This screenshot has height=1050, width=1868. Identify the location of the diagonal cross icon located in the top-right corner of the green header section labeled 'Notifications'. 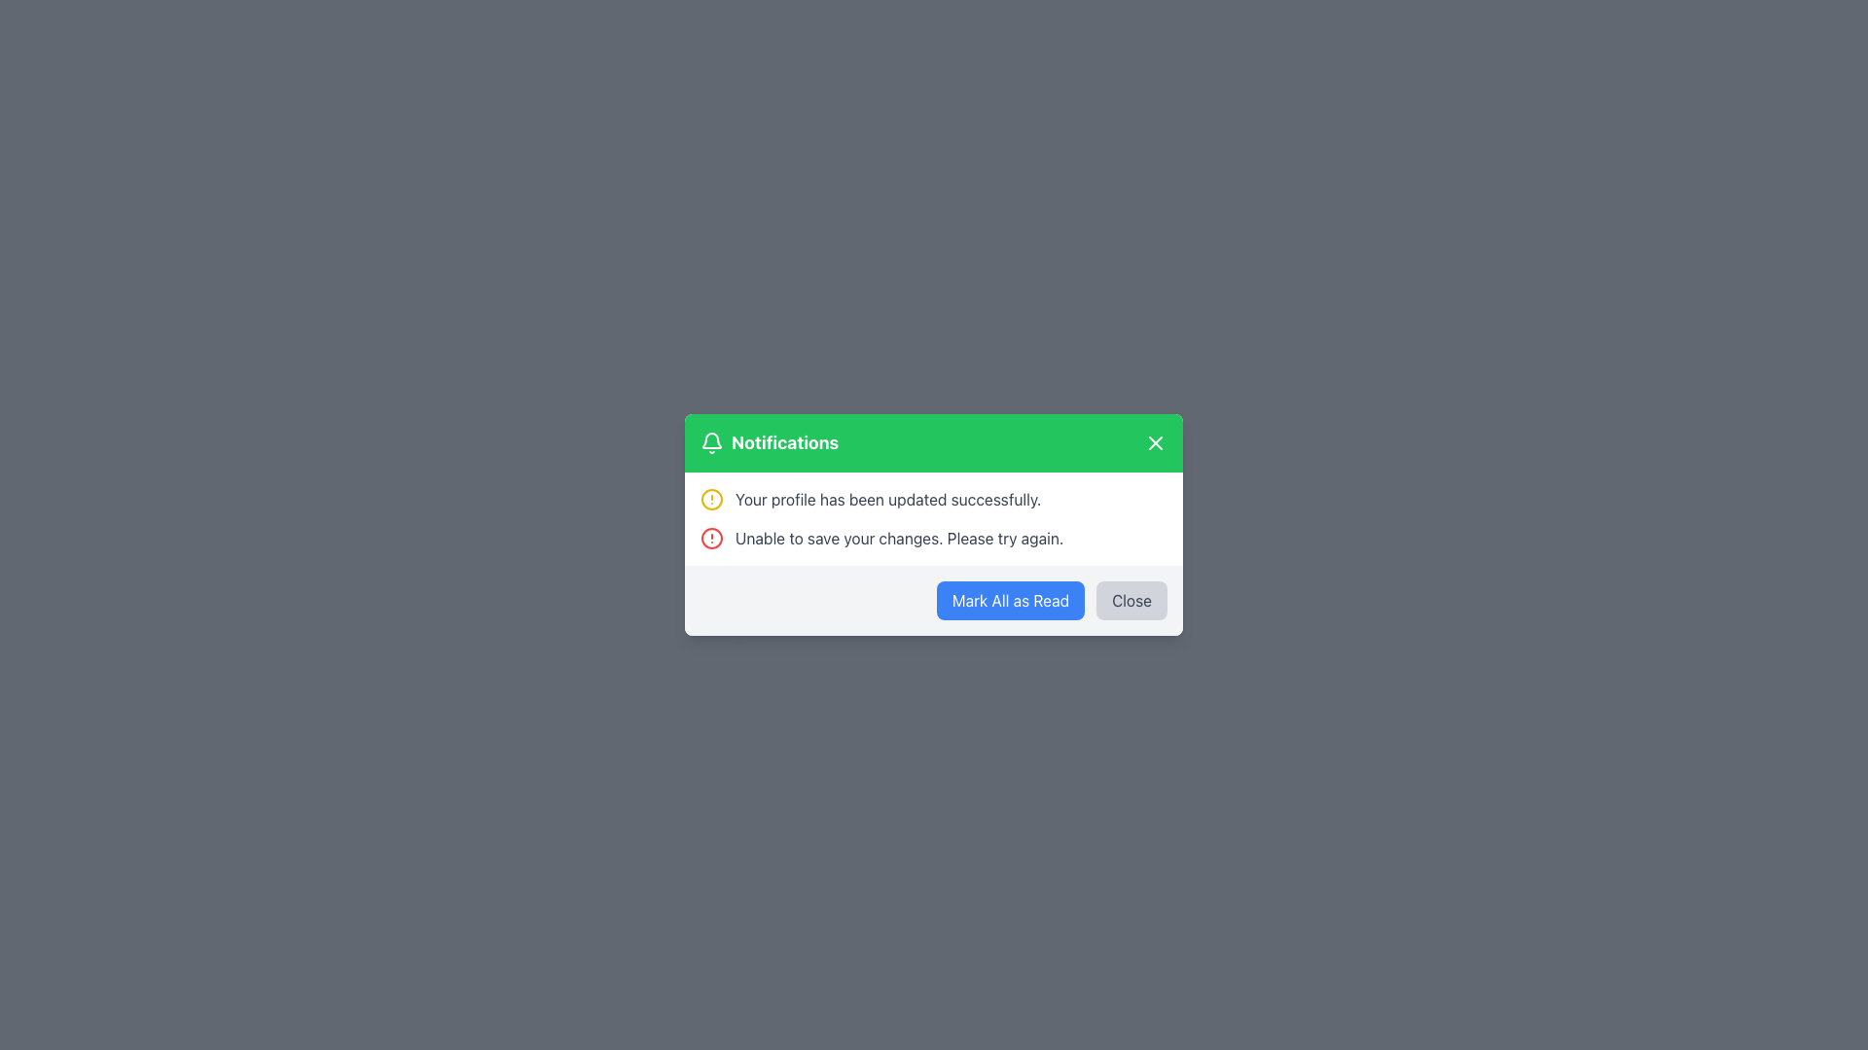
(1156, 442).